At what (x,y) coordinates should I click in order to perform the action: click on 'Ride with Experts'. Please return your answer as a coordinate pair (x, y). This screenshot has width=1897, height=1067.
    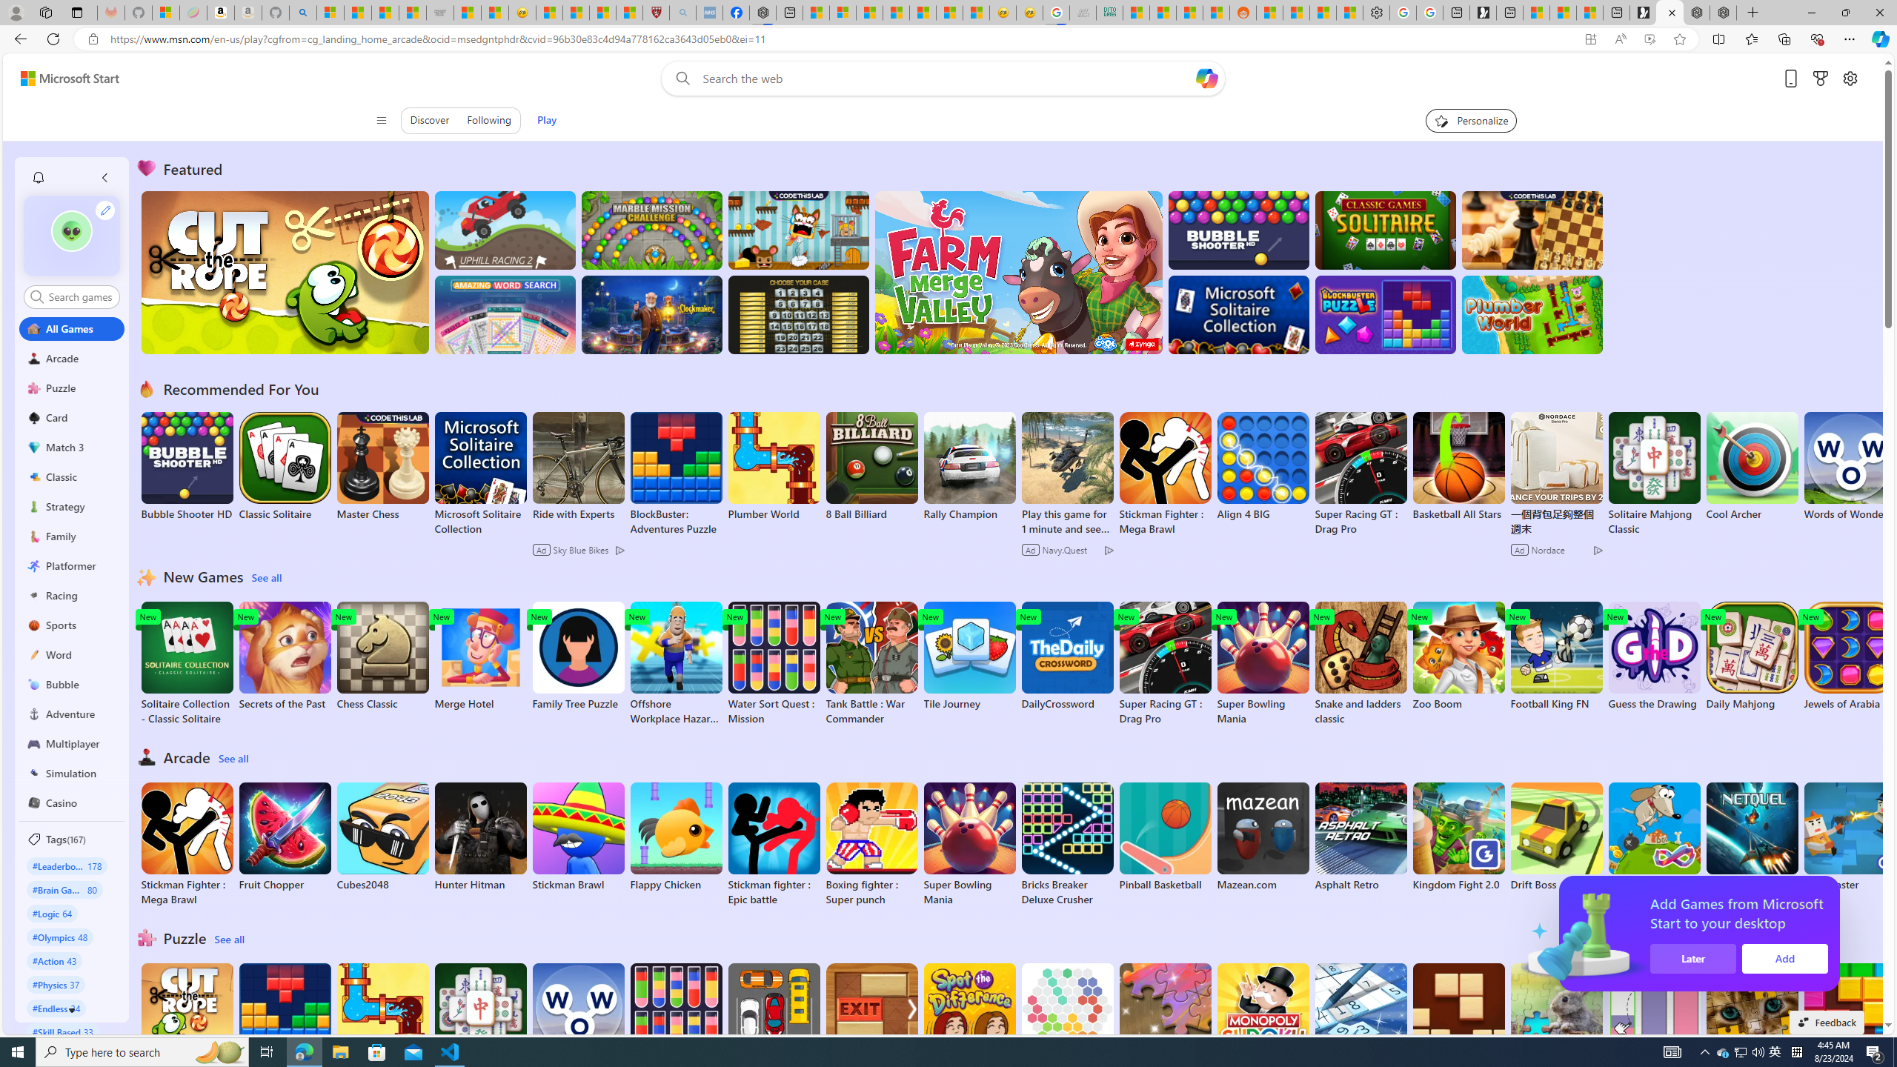
    Looking at the image, I should click on (577, 513).